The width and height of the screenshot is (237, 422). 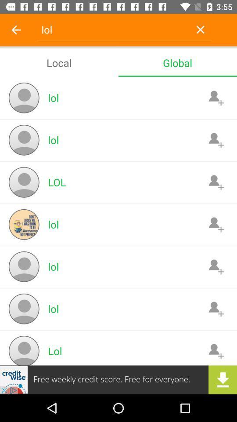 What do you see at coordinates (215, 182) in the screenshot?
I see `person lol` at bounding box center [215, 182].